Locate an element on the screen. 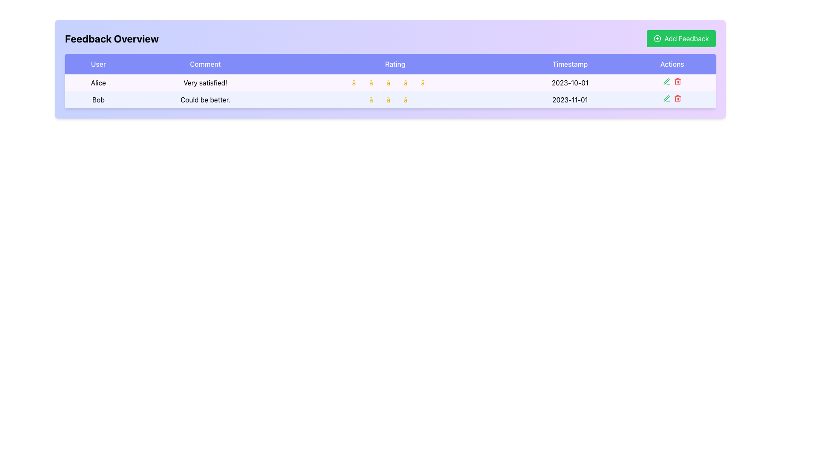 This screenshot has width=817, height=459. text of the Label that displays the name of the user who submitted feedback, located in the first cell under the 'User' column in the feedback table within the 'Feedback Overview' card is located at coordinates (98, 83).